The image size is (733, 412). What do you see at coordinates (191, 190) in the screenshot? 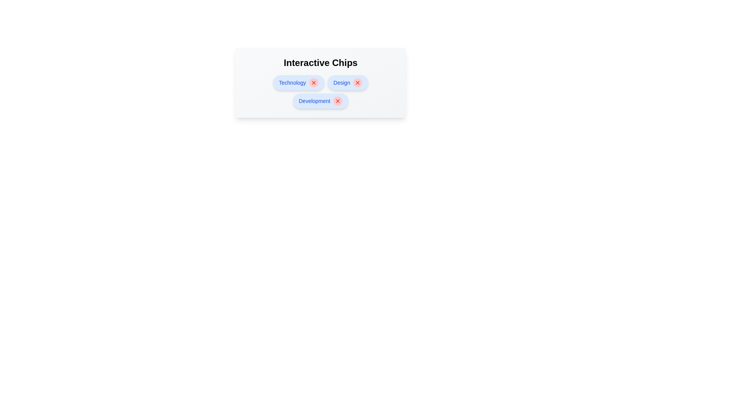
I see `the background area of the component` at bounding box center [191, 190].